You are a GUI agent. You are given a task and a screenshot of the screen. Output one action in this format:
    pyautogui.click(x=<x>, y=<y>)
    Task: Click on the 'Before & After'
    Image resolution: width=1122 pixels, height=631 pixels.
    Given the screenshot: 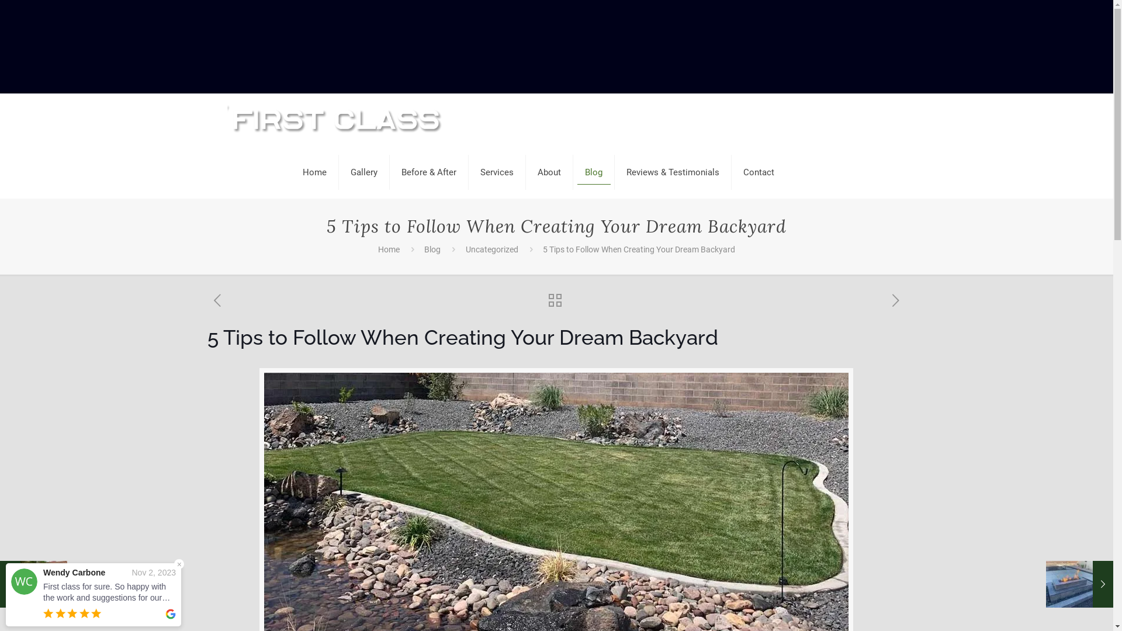 What is the action you would take?
    pyautogui.click(x=390, y=172)
    